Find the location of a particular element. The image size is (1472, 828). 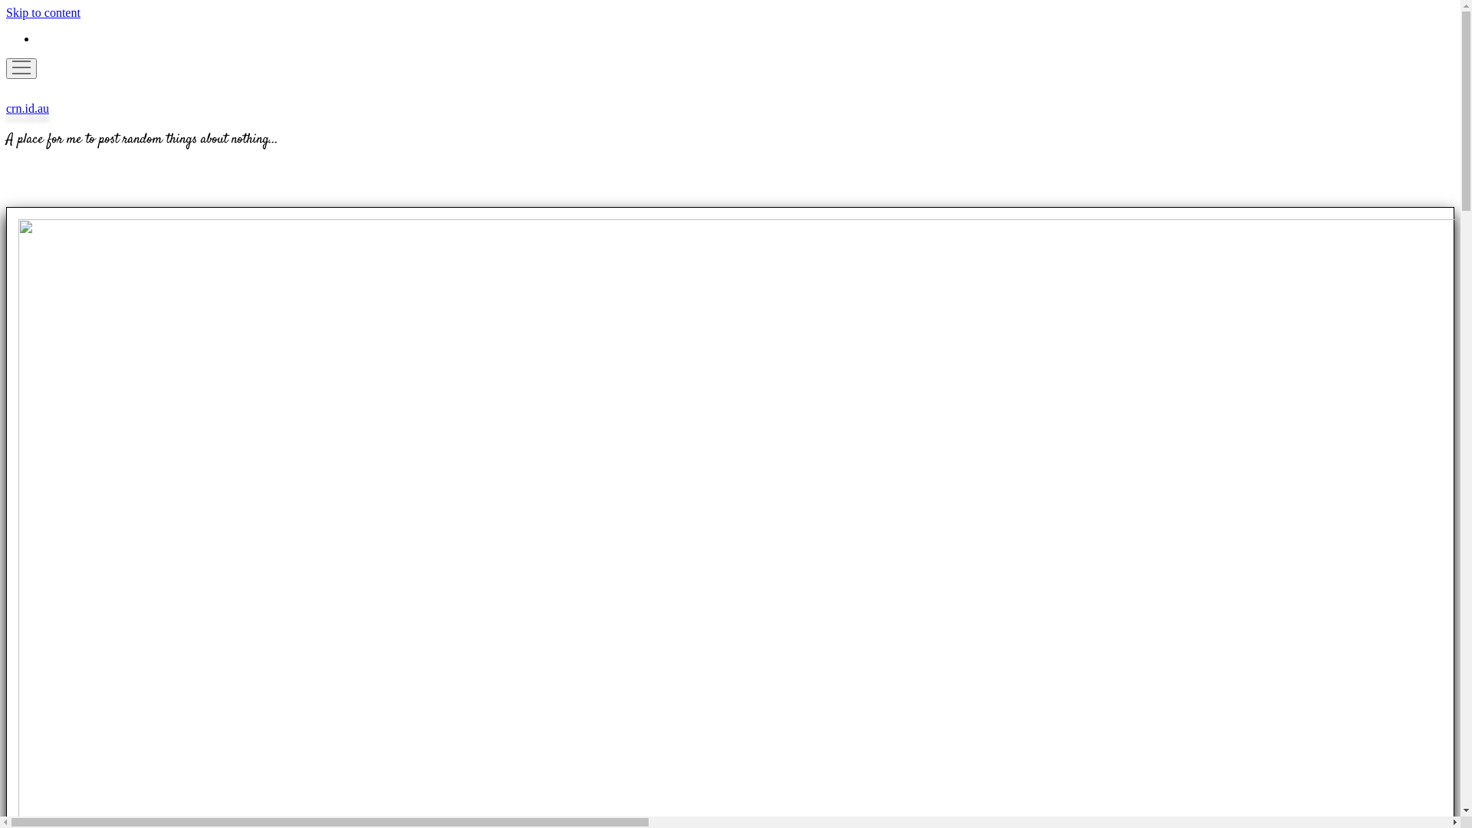

'Skip to content' is located at coordinates (6, 12).